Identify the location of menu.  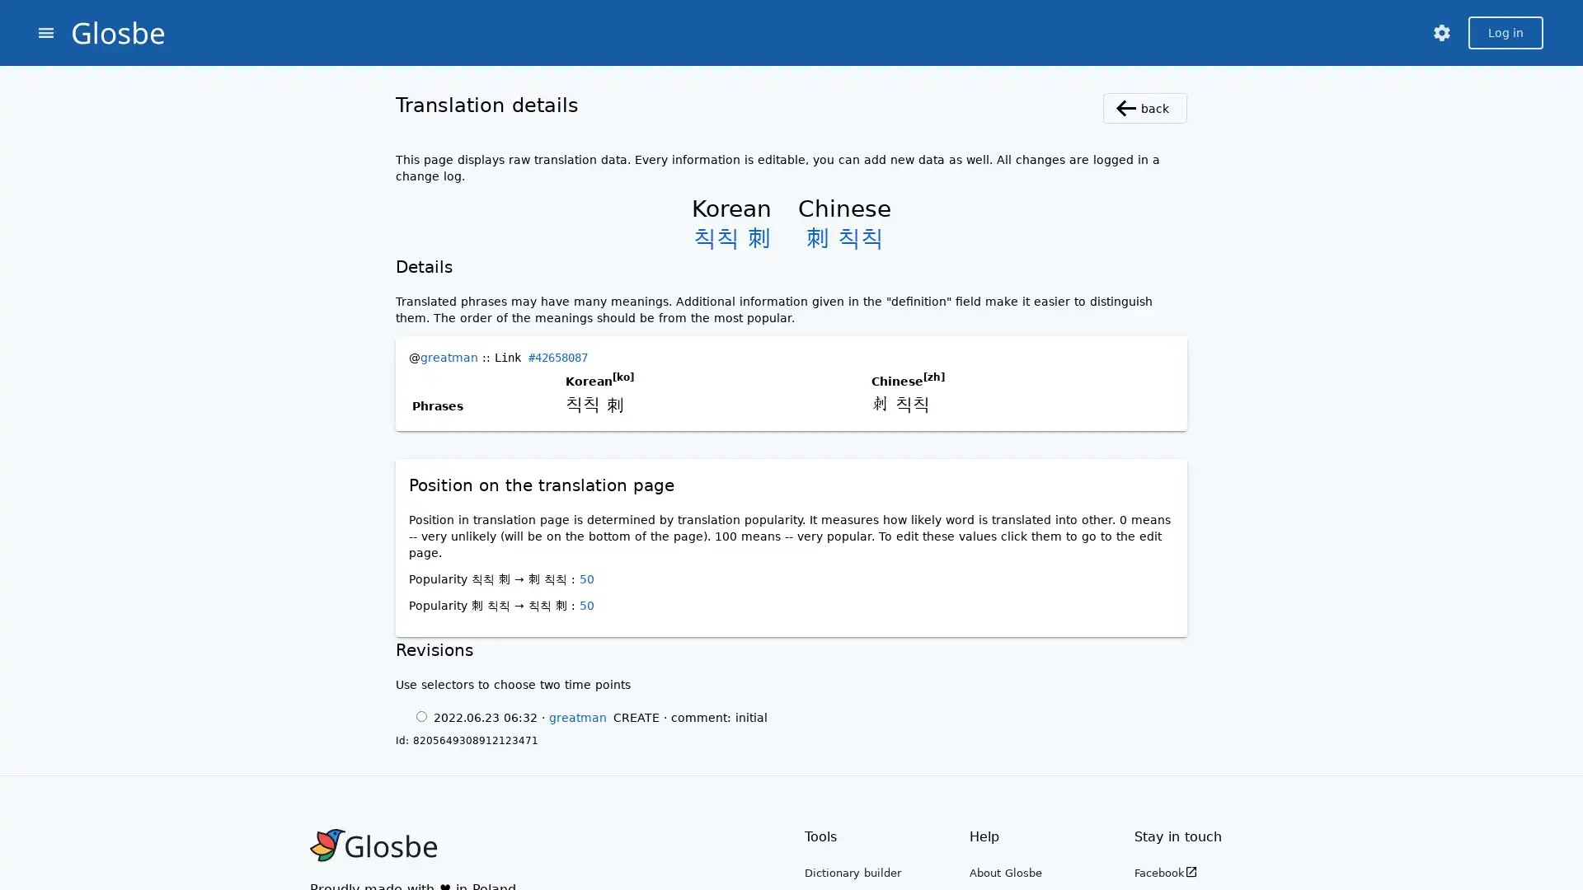
(46, 32).